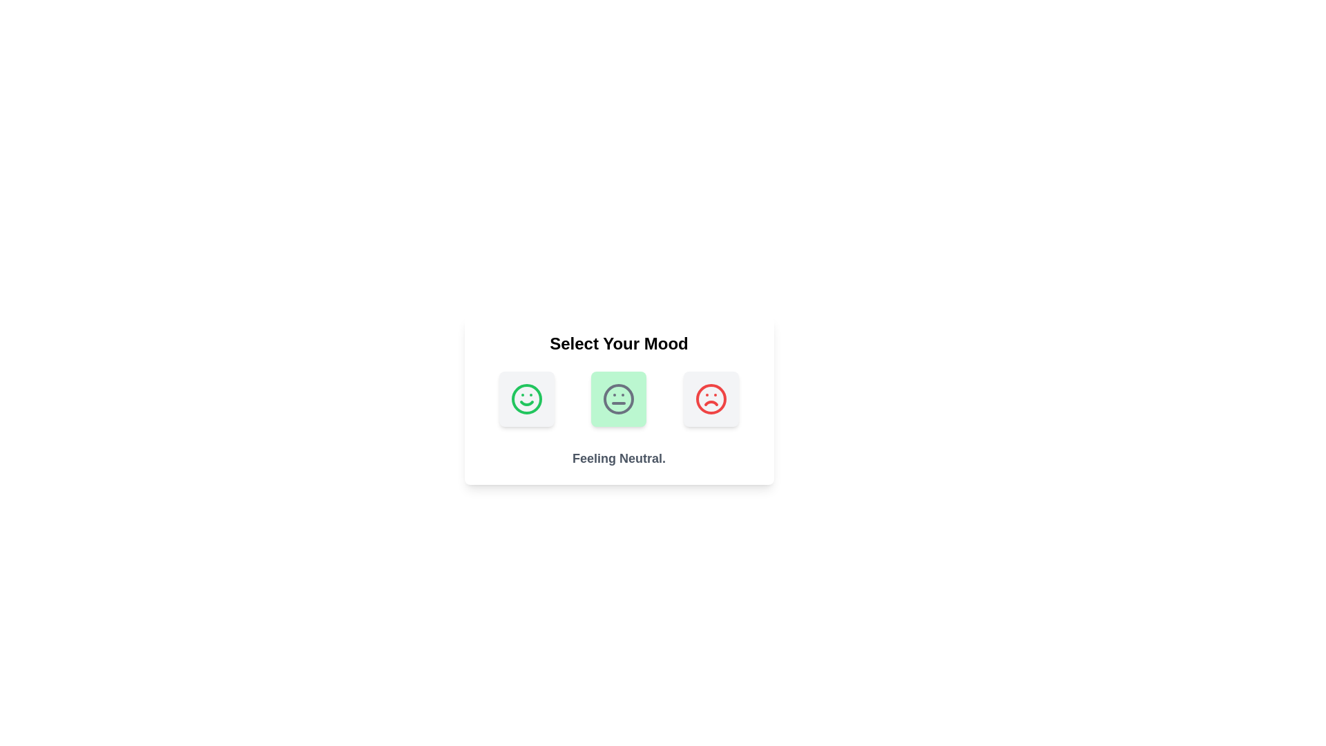 This screenshot has width=1326, height=746. Describe the element at coordinates (526, 399) in the screenshot. I see `the Interactive Button with Icon, which has a light gray background and a green smiley face, to make a selection` at that location.